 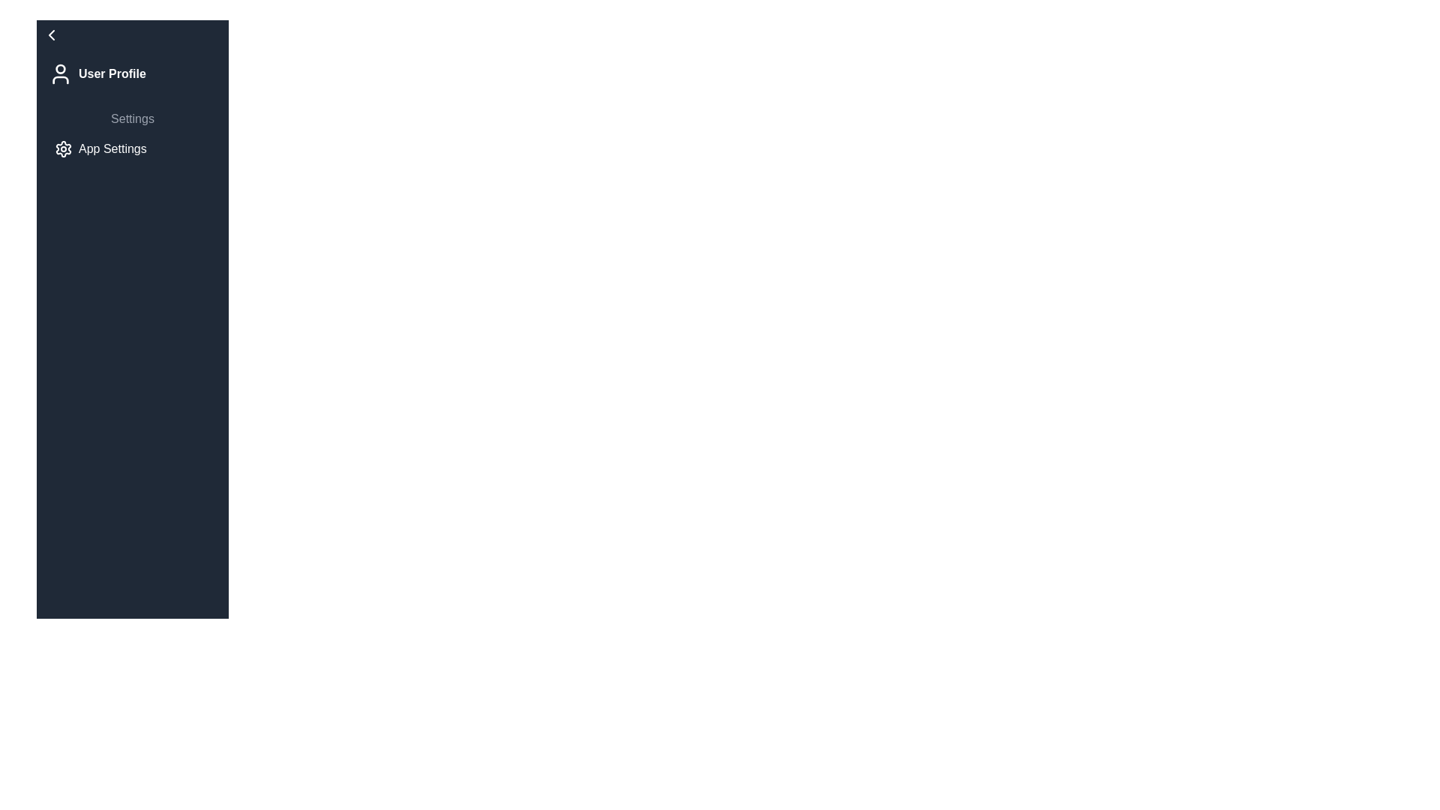 I want to click on the 'App Settings' navigation button, which is styled with white text on a dark background and includes a gear icon to the left of the text, so click(x=133, y=149).